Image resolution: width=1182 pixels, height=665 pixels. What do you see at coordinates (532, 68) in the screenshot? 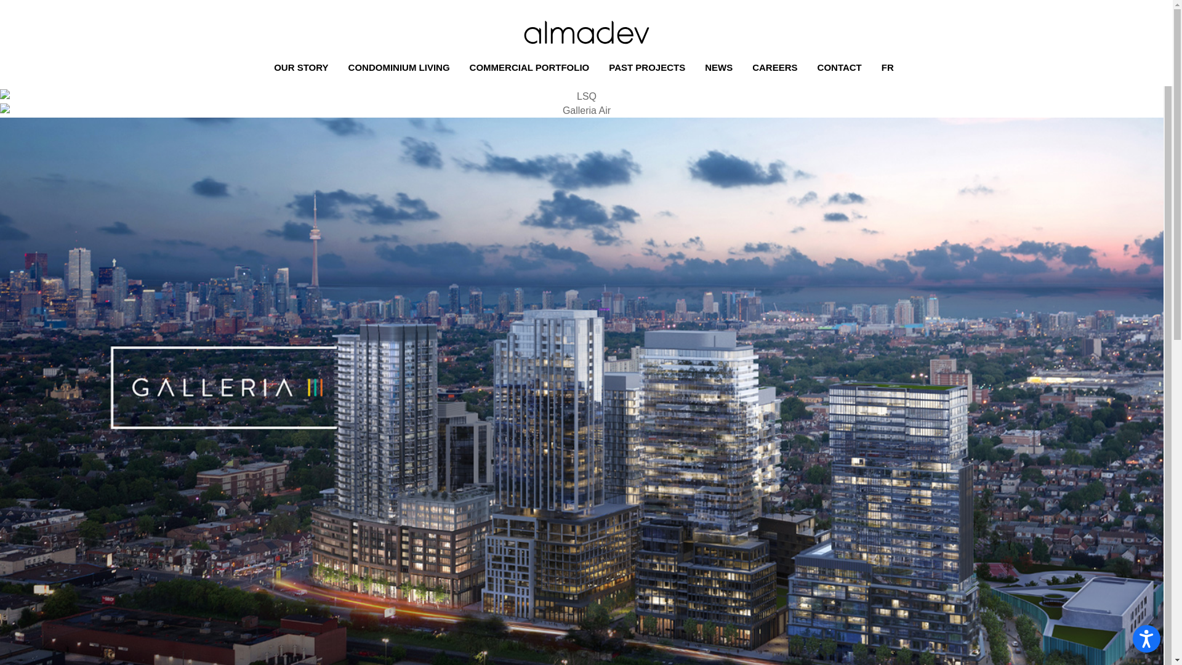
I see `'COMMERCIAL PORTFOLIO'` at bounding box center [532, 68].